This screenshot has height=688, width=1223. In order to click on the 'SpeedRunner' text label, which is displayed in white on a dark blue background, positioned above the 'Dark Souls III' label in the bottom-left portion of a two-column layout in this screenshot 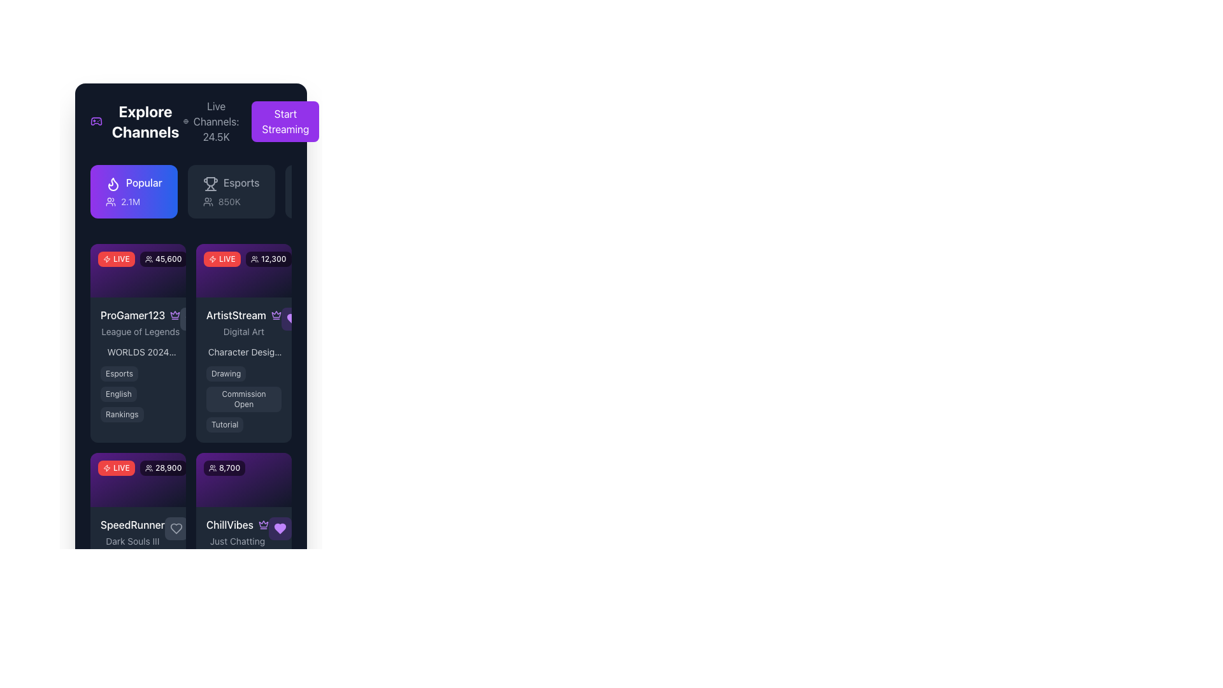, I will do `click(132, 524)`.